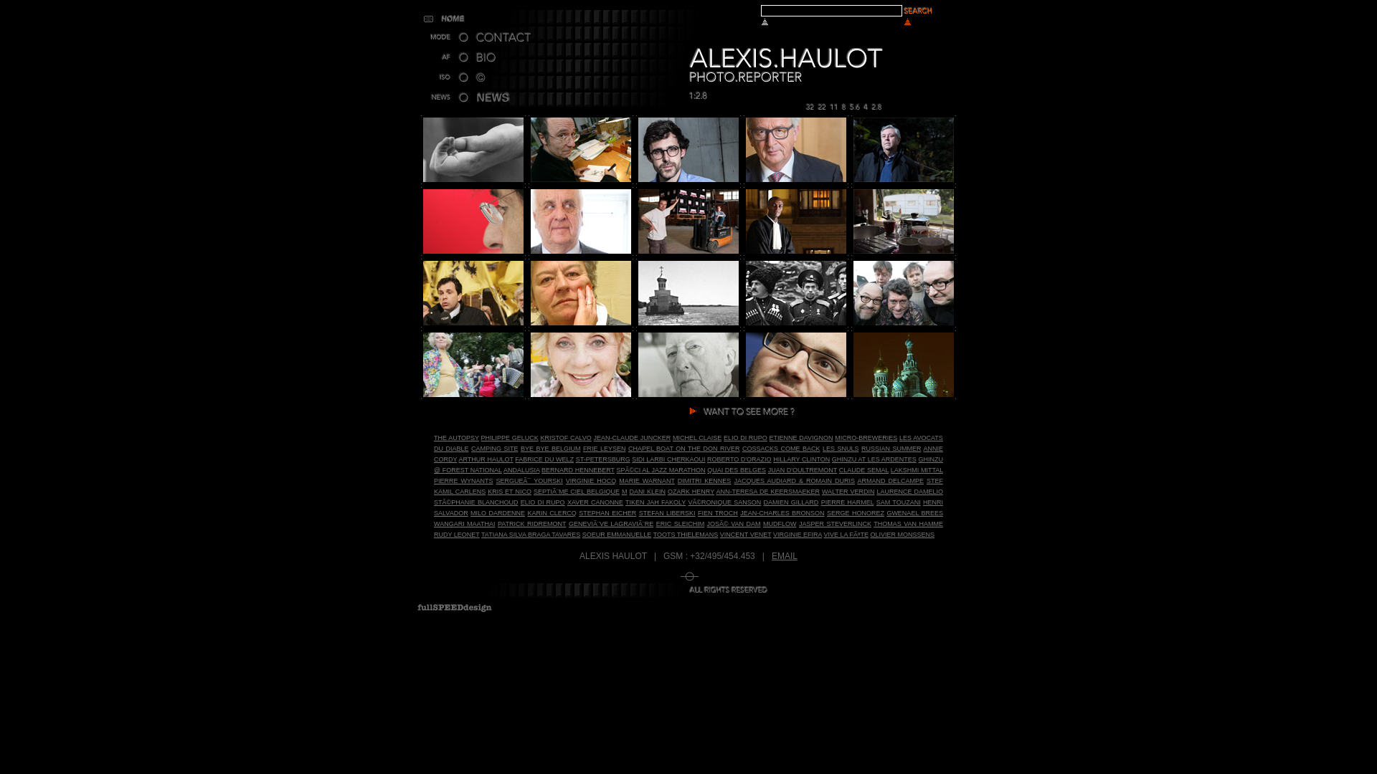  I want to click on 'VIRGINIE EFIRA', so click(797, 534).